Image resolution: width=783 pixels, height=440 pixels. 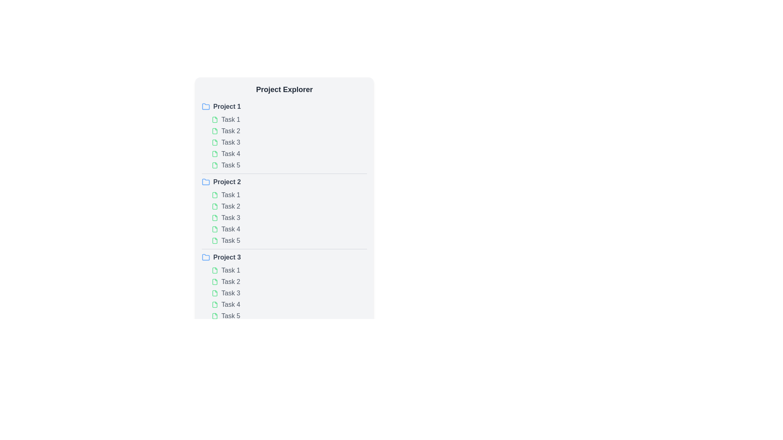 I want to click on the text label 'Task 4', which is the fourth item in the vertical list under 'Project 1', next to a green document icon, so click(x=230, y=154).